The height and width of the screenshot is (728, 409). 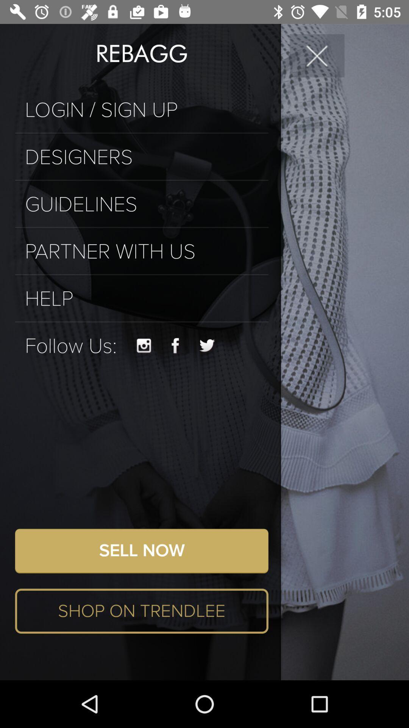 I want to click on visit brand 's facebook, so click(x=175, y=345).